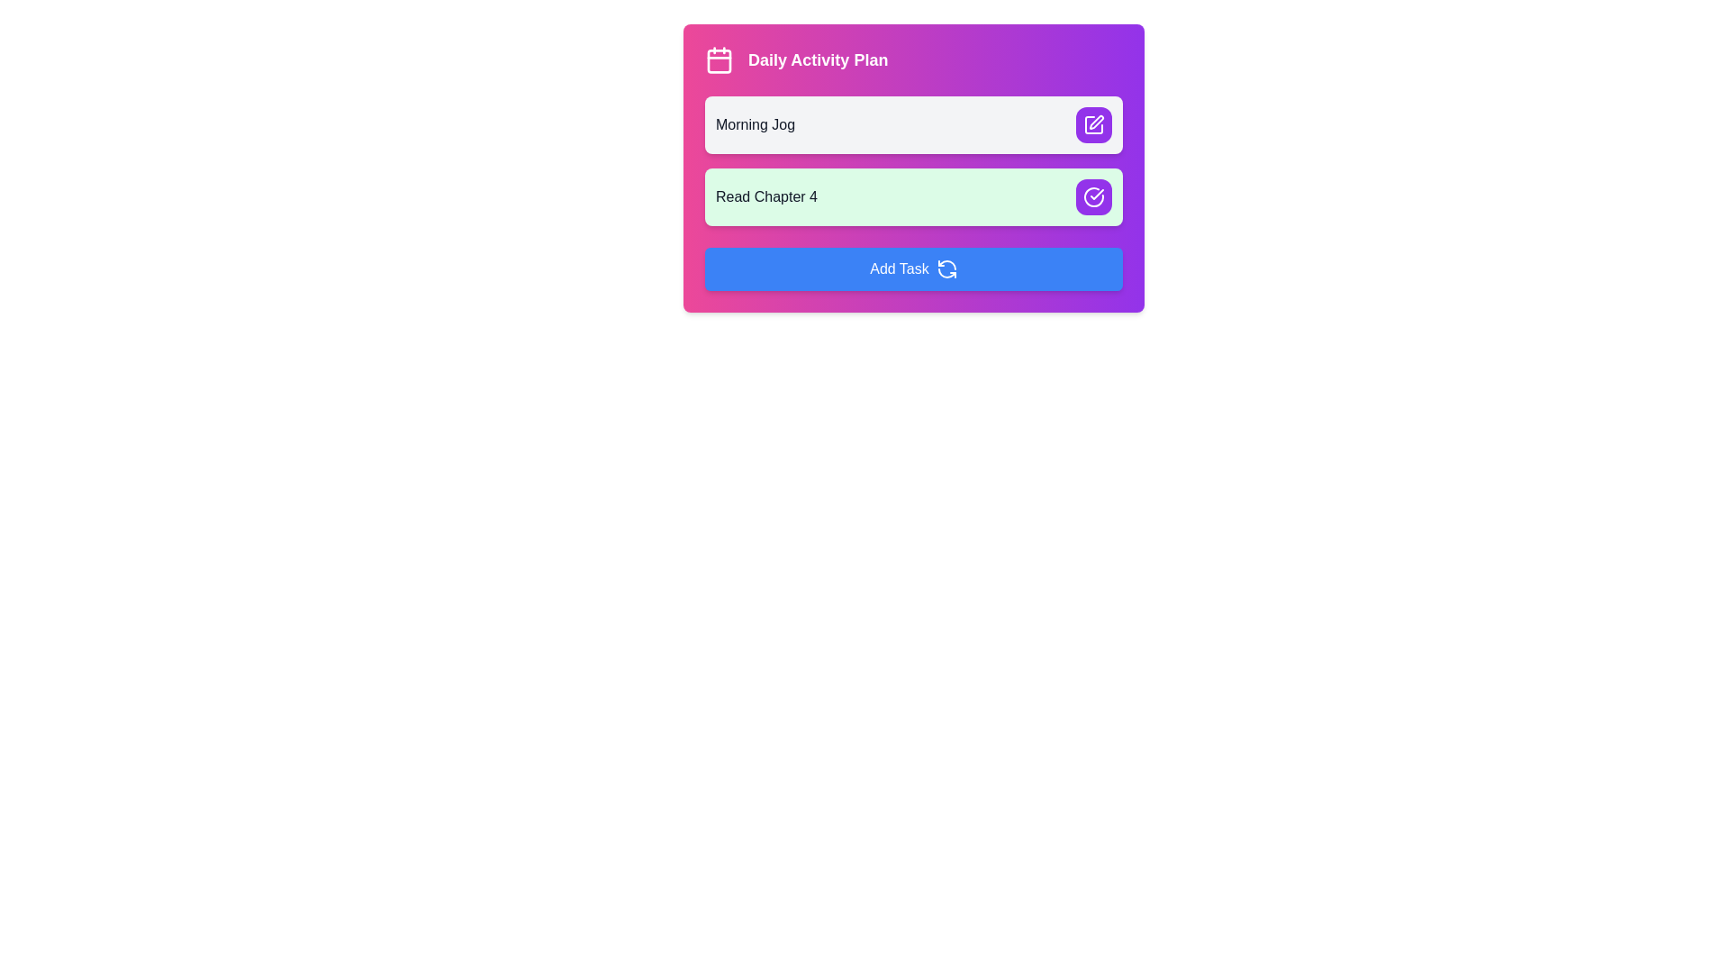 The image size is (1729, 973). Describe the element at coordinates (899, 269) in the screenshot. I see `the static text label within the blue button that indicates the function to add a task` at that location.